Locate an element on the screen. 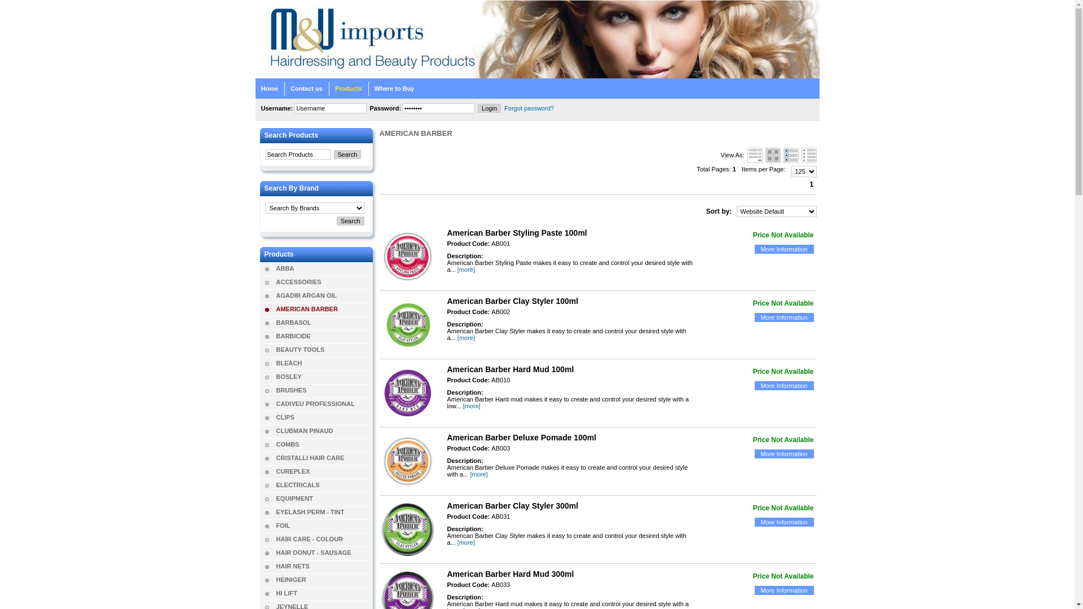 This screenshot has width=1083, height=609. 'EYELASH PERM - TINT' is located at coordinates (323, 511).